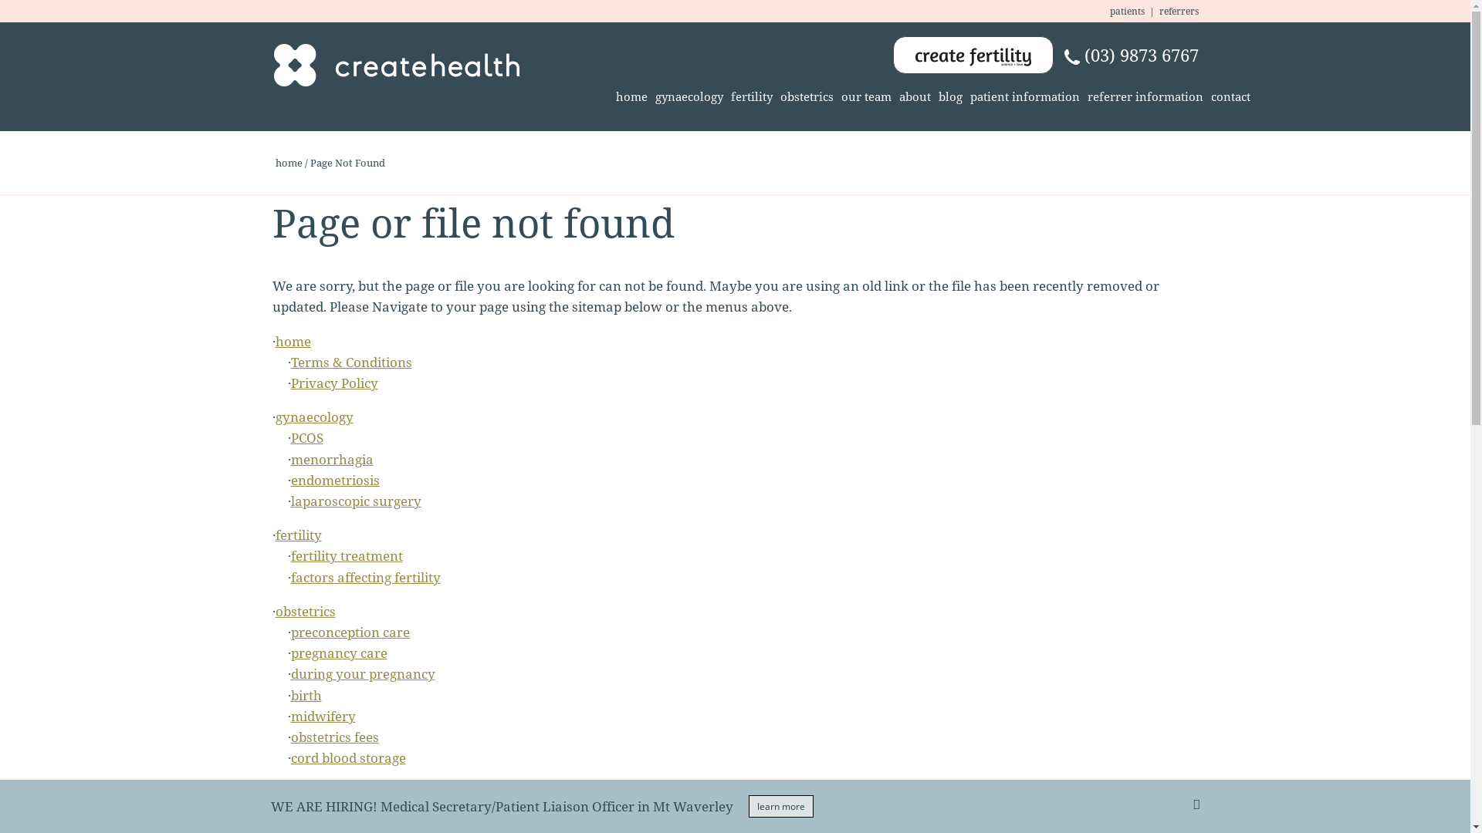 This screenshot has width=1482, height=833. Describe the element at coordinates (932, 97) in the screenshot. I see `'blog'` at that location.